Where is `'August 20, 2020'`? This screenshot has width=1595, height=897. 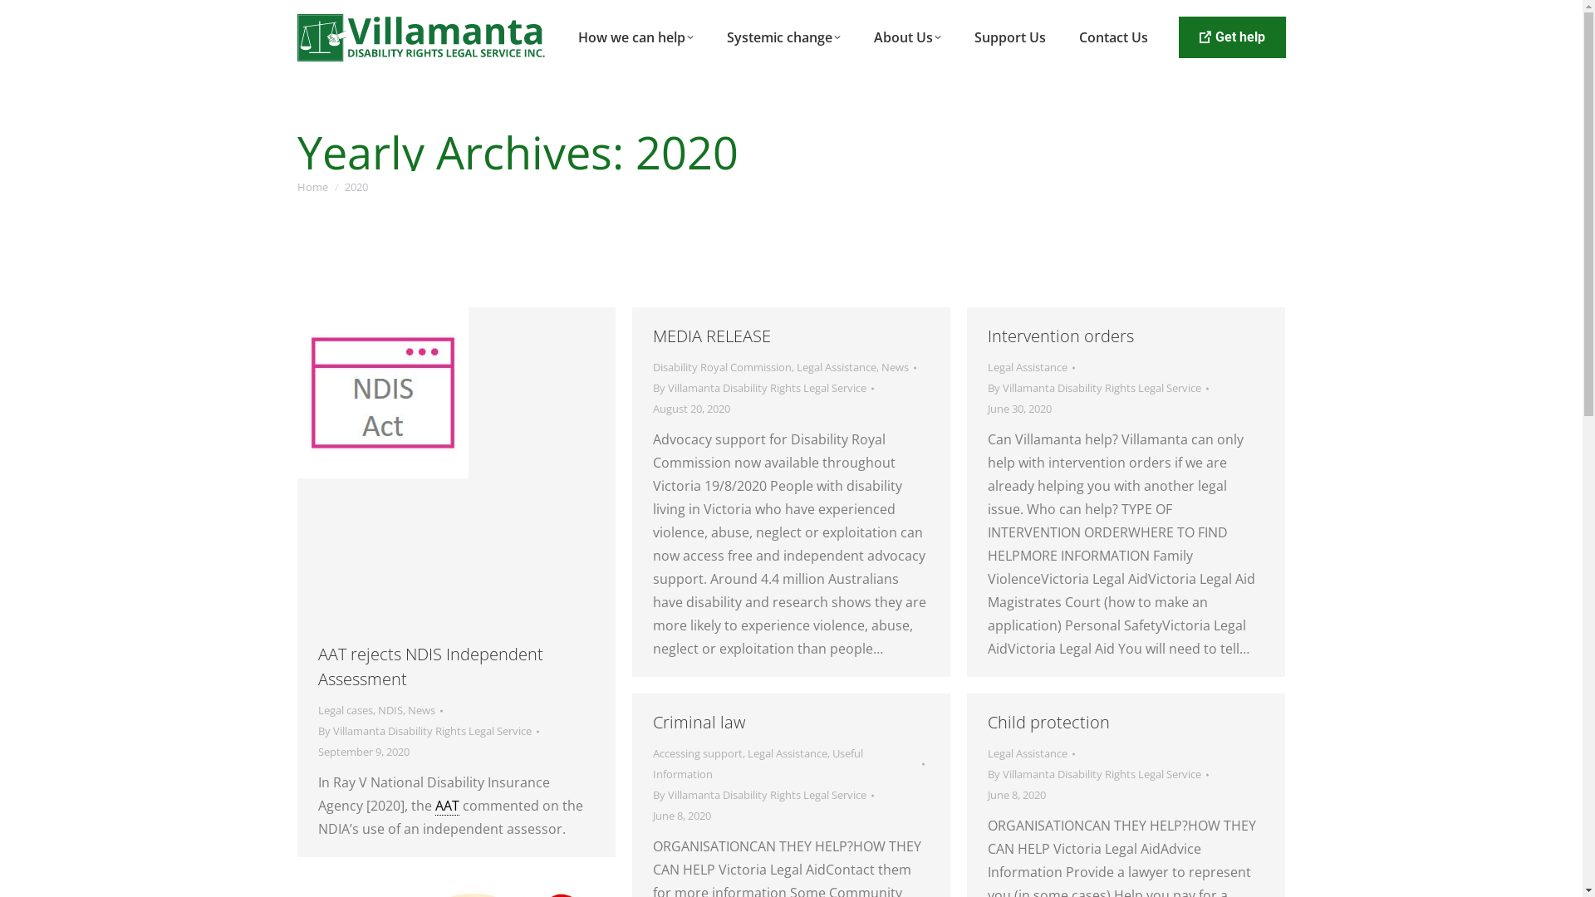
'August 20, 2020' is located at coordinates (691, 409).